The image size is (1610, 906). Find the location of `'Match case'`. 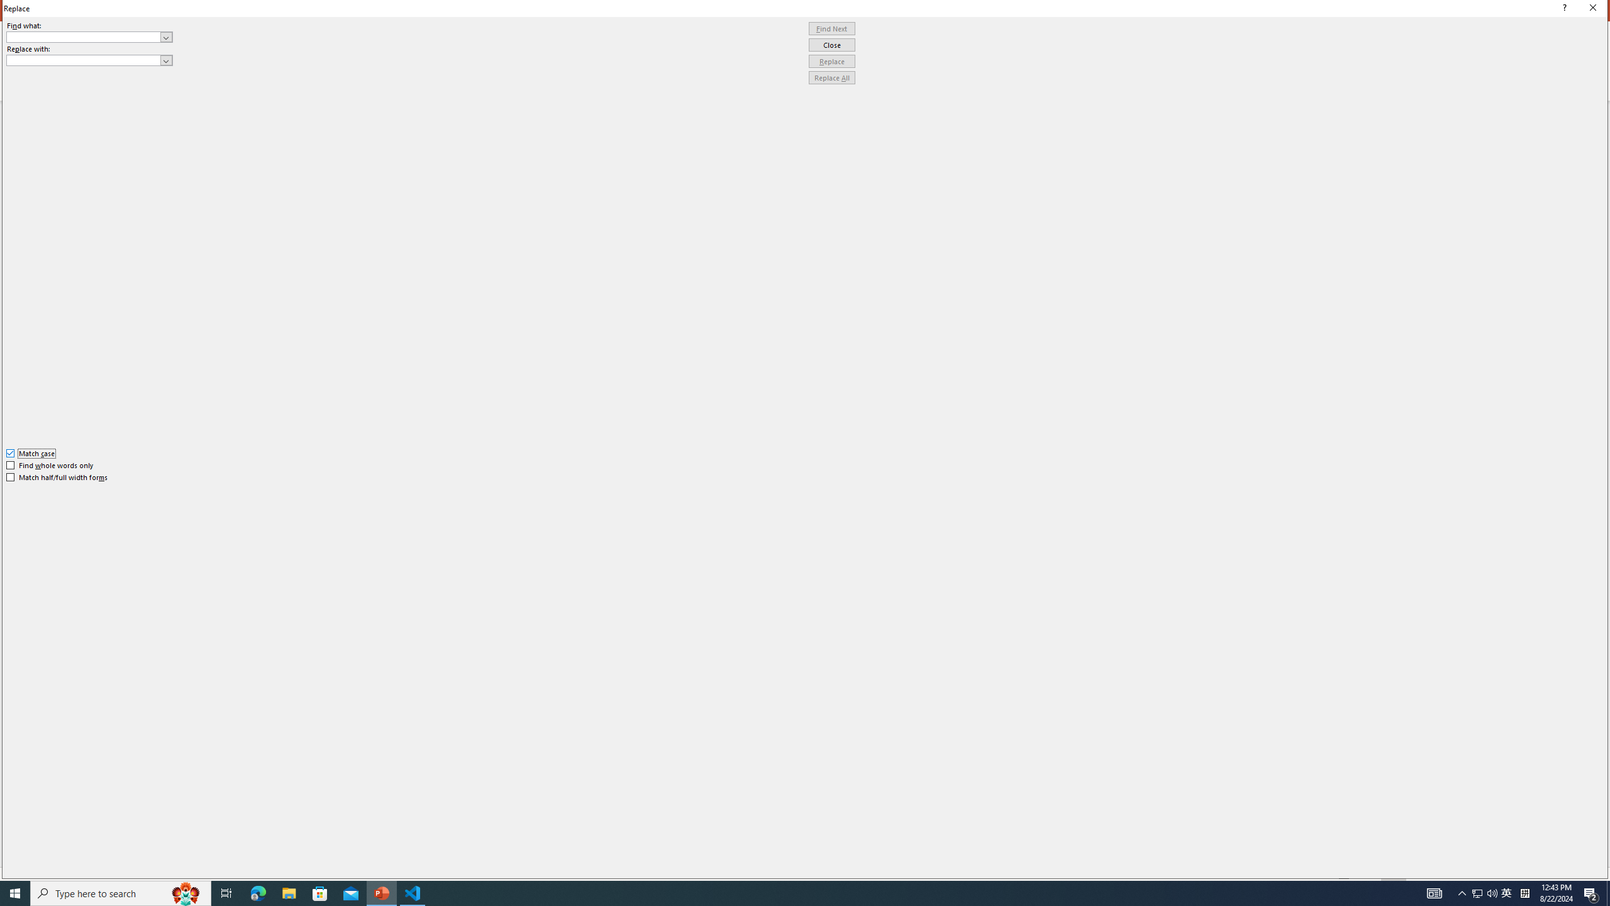

'Match case' is located at coordinates (30, 453).